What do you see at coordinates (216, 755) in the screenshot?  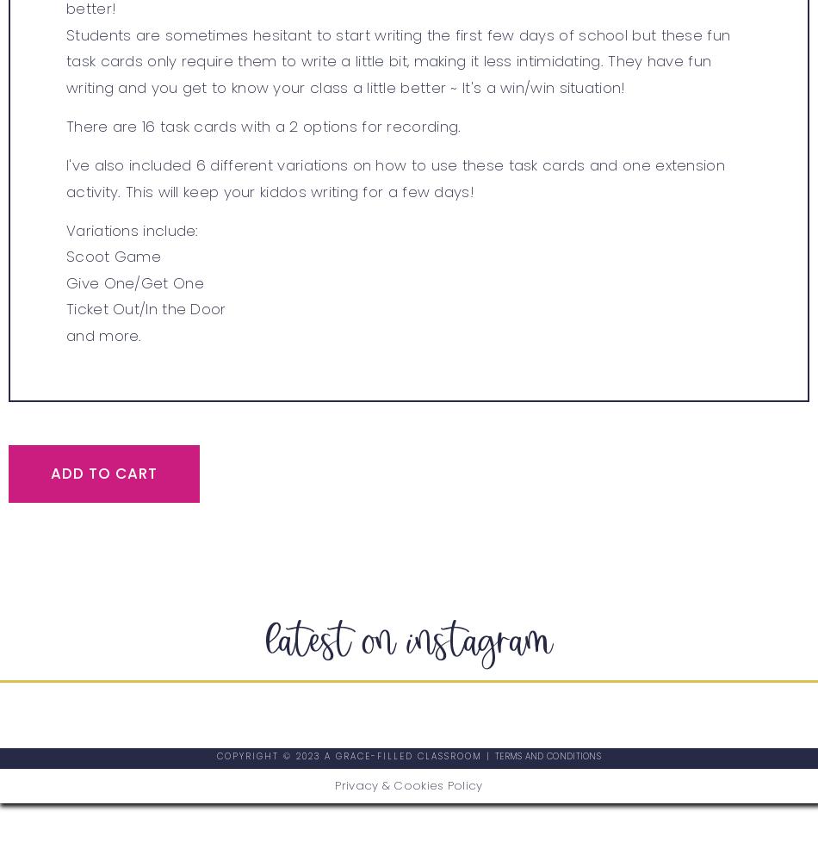 I see `'Copyright © 2023 A GRACE-FILLED CLASSROOM​ |'` at bounding box center [216, 755].